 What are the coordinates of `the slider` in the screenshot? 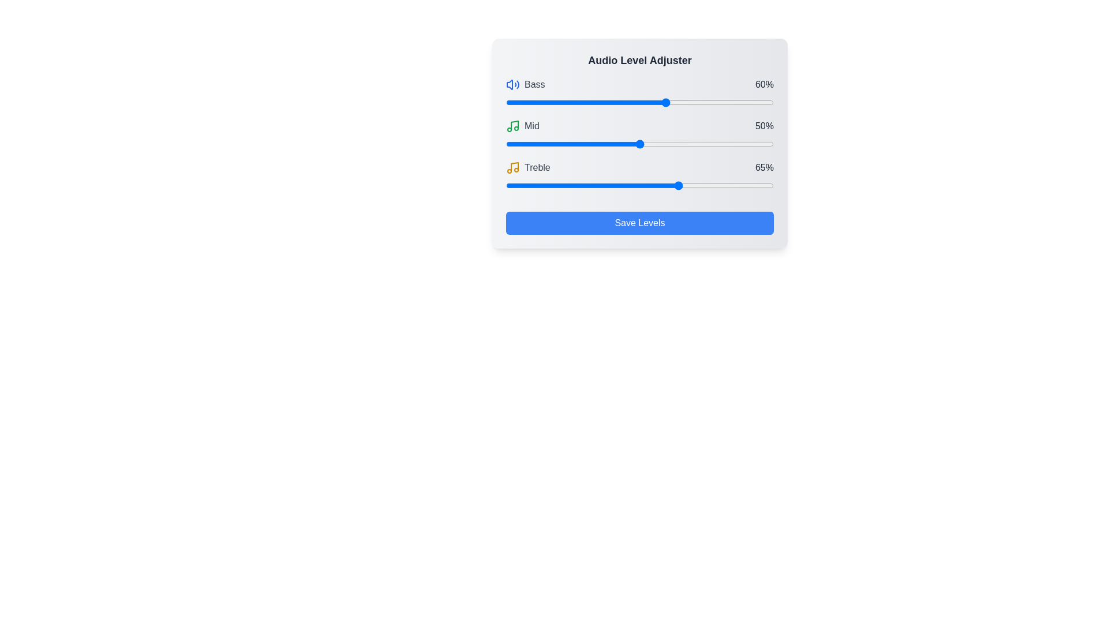 It's located at (669, 185).